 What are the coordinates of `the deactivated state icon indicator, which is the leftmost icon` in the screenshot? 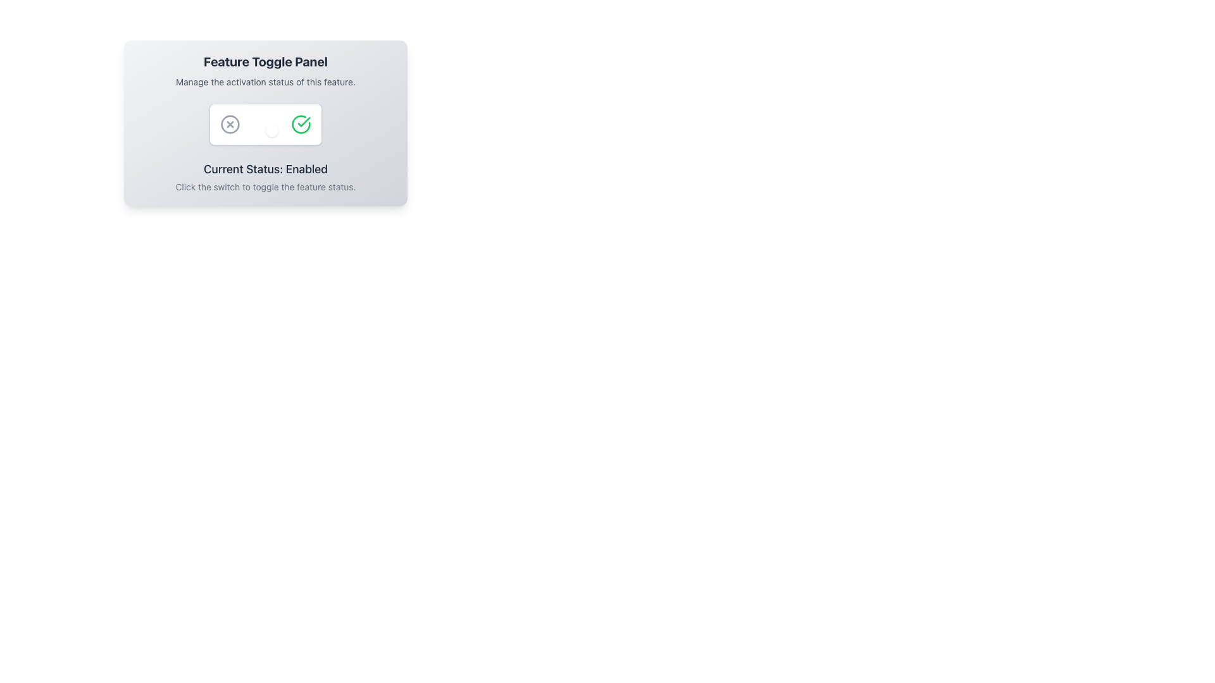 It's located at (230, 124).